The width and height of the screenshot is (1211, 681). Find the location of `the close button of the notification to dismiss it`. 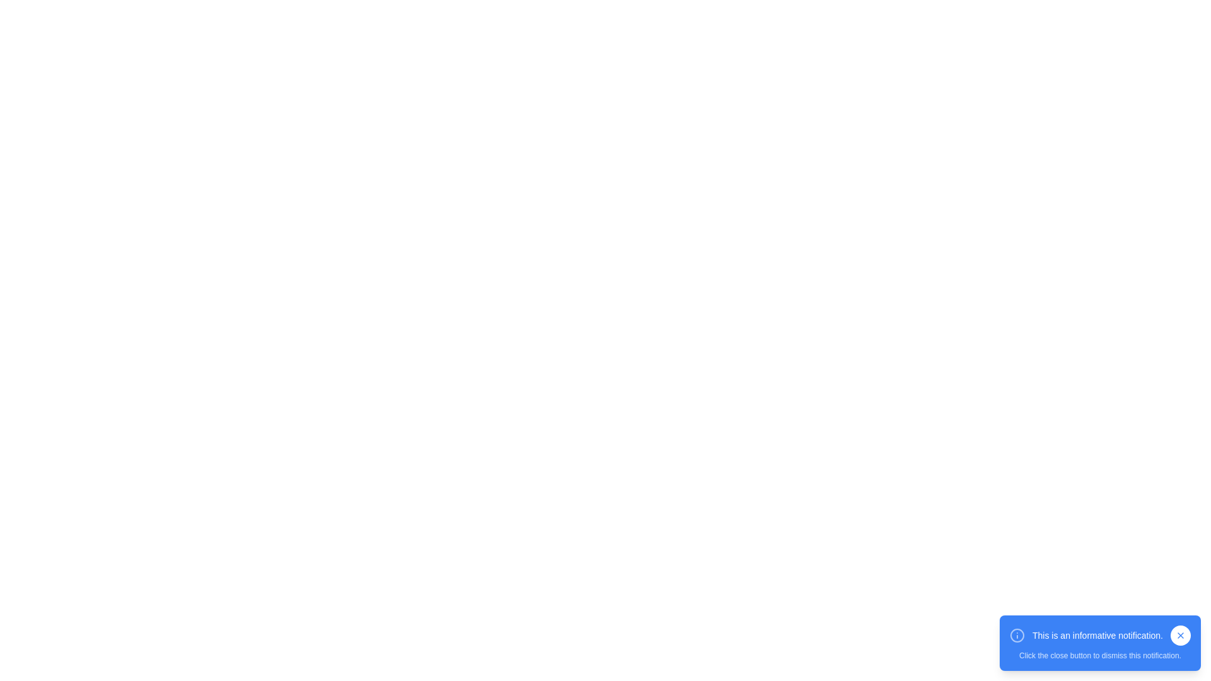

the close button of the notification to dismiss it is located at coordinates (1180, 635).